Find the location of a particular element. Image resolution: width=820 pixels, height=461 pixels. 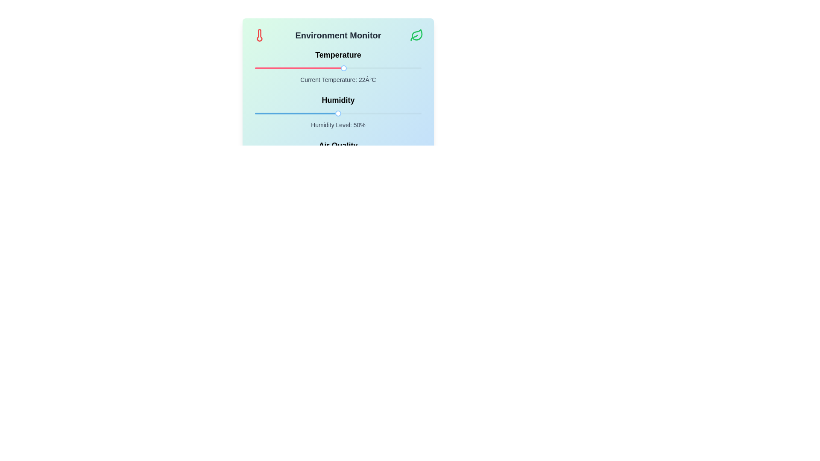

the slider handle for keyboard navigation is located at coordinates (344, 67).